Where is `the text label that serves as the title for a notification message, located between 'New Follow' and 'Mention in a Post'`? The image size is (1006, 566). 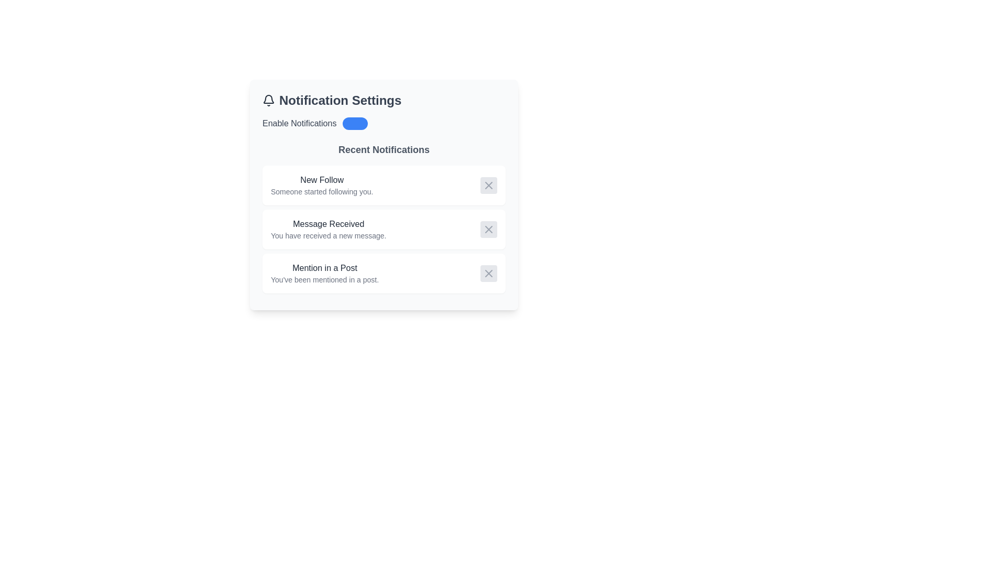 the text label that serves as the title for a notification message, located between 'New Follow' and 'Mention in a Post' is located at coordinates (328, 224).